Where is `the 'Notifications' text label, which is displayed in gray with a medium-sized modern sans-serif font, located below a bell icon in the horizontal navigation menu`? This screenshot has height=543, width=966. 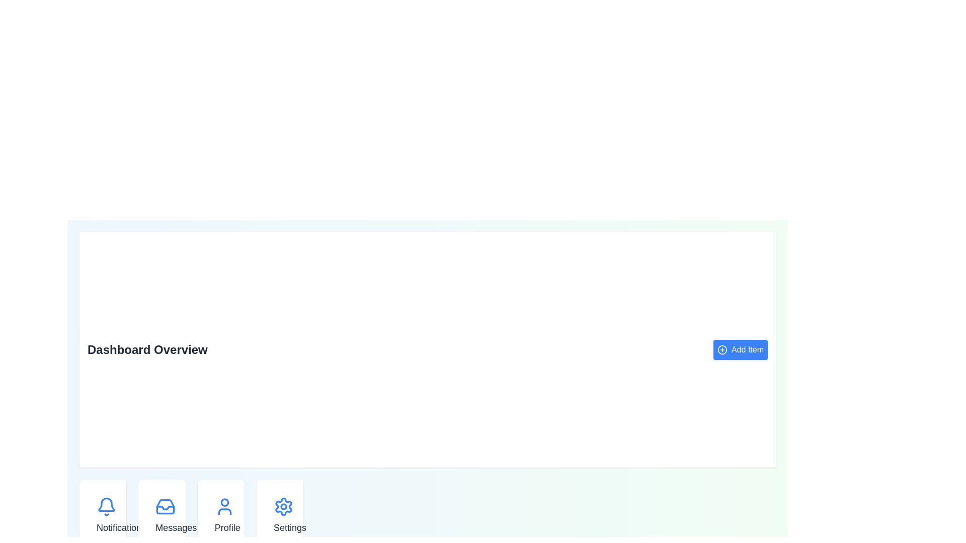 the 'Notifications' text label, which is displayed in gray with a medium-sized modern sans-serif font, located below a bell icon in the horizontal navigation menu is located at coordinates (121, 527).